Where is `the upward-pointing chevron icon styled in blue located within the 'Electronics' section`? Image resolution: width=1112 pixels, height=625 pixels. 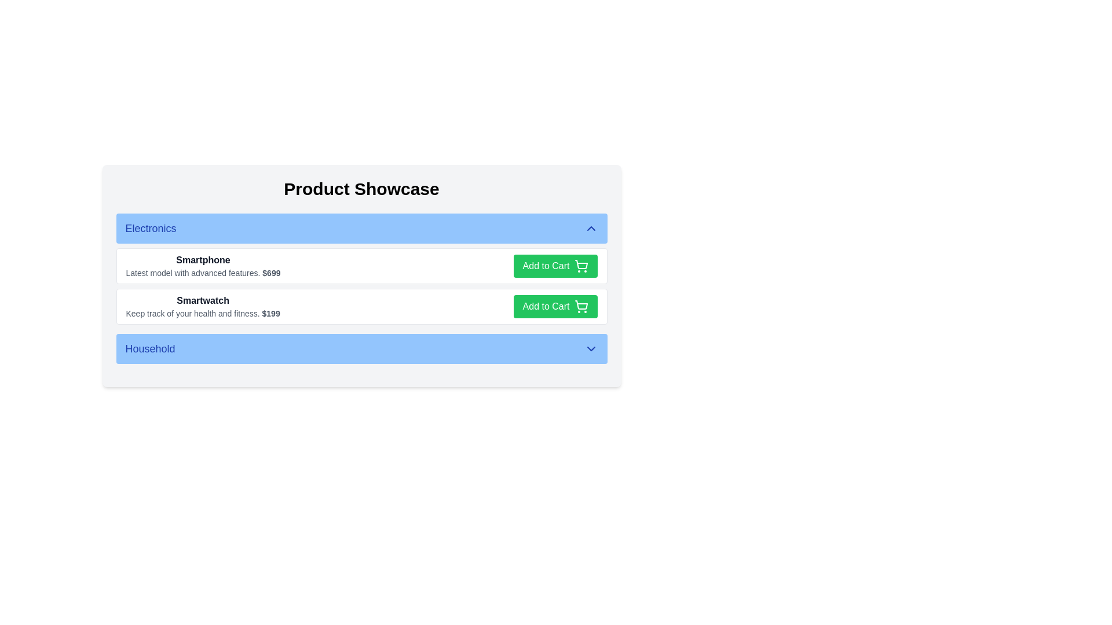
the upward-pointing chevron icon styled in blue located within the 'Electronics' section is located at coordinates (591, 228).